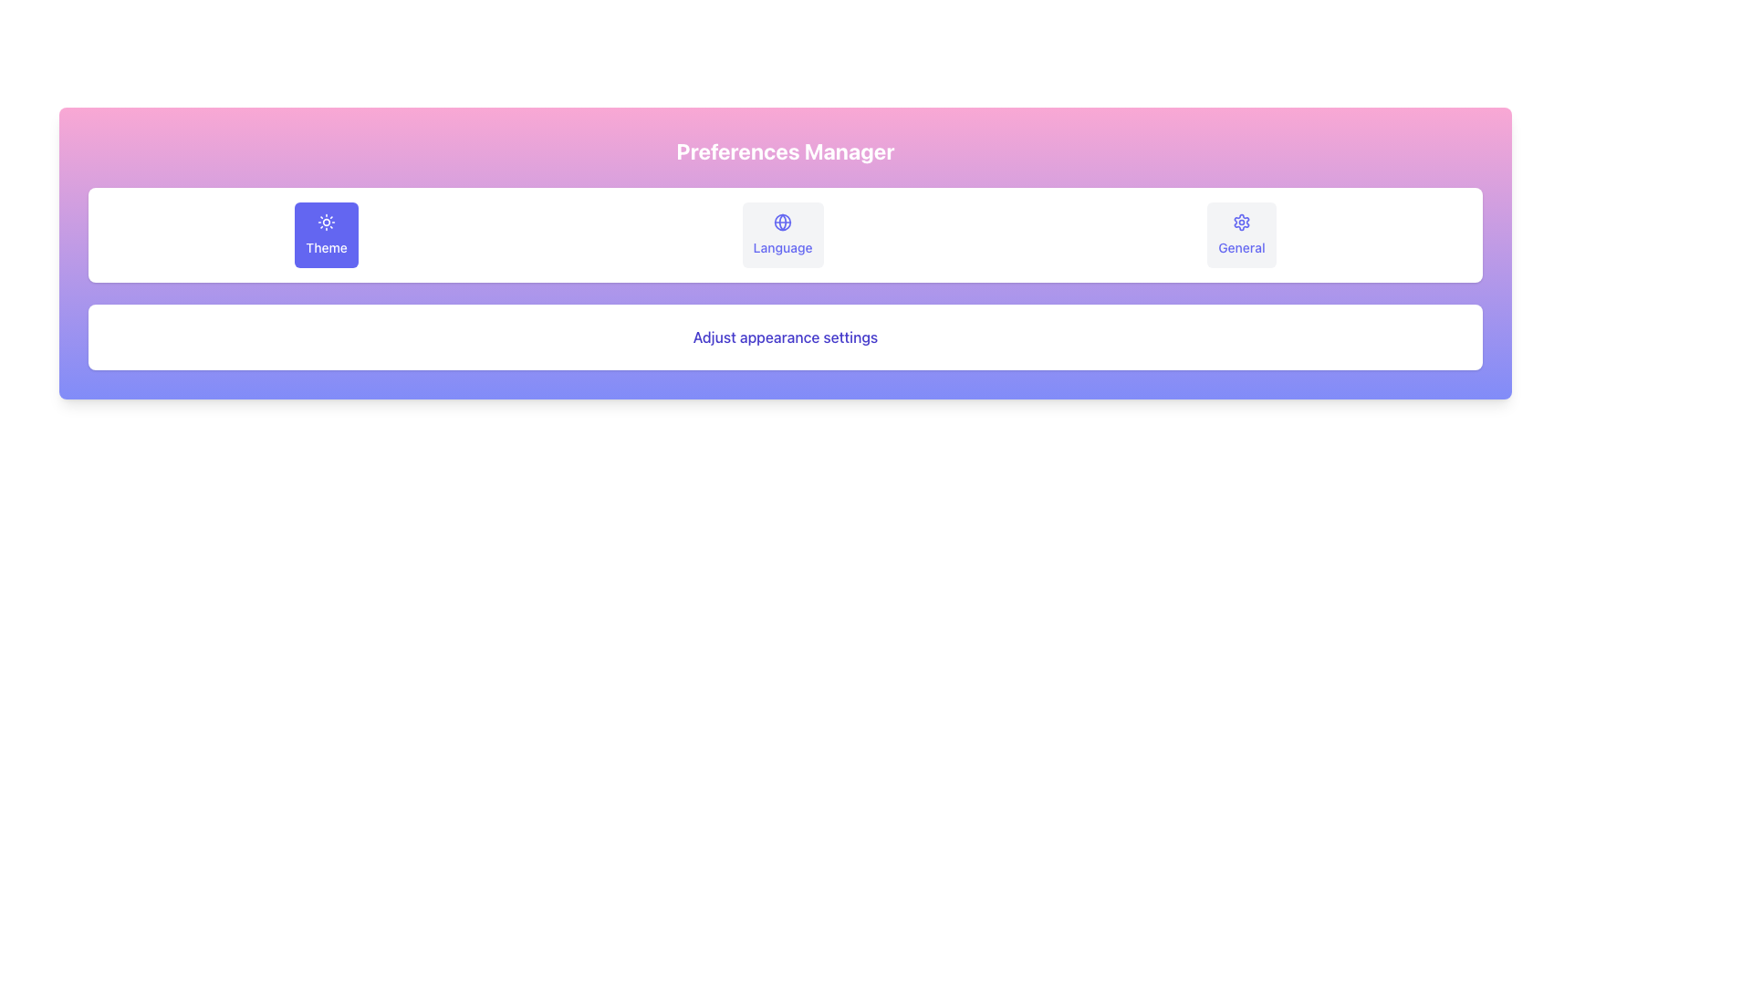 This screenshot has width=1752, height=985. What do you see at coordinates (783, 234) in the screenshot?
I see `the 'Language' button with a globe icon in the Preferences Manager interface` at bounding box center [783, 234].